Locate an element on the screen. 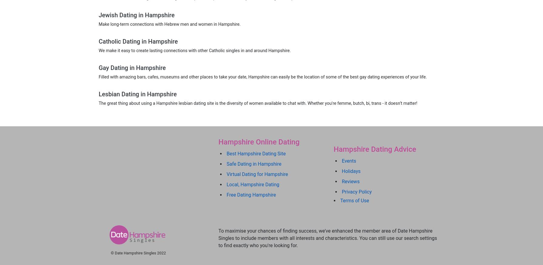 The height and width of the screenshot is (265, 543). 'We make it easy to create lasting connections with other Catholic singles in and around Hampshire.' is located at coordinates (195, 50).